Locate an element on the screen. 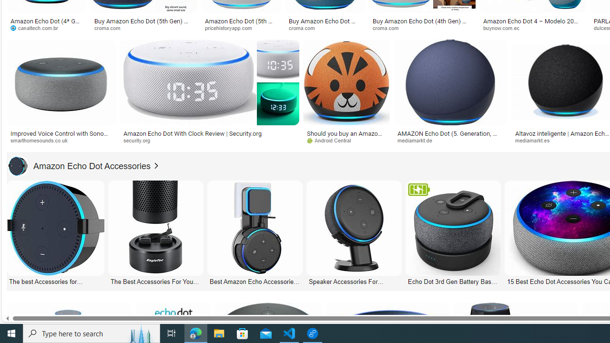  'security.org' is located at coordinates (209, 141).